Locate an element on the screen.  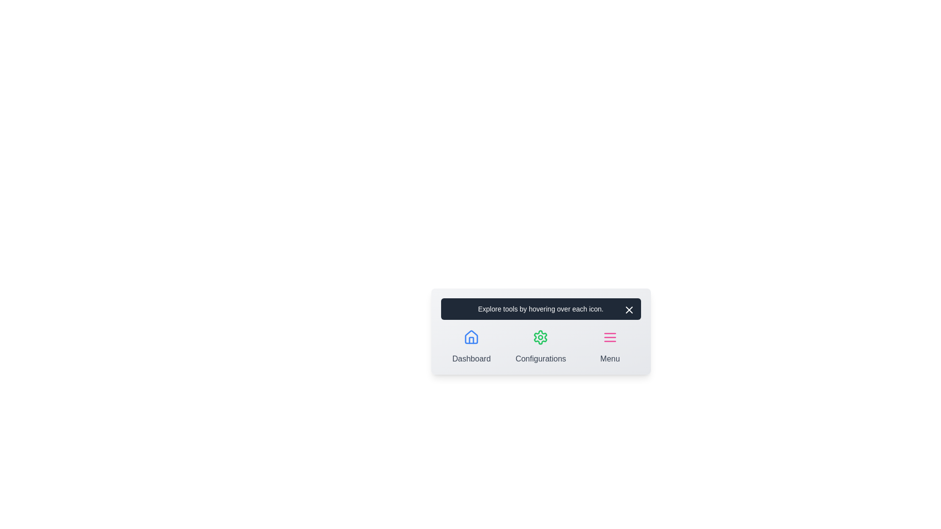
the circular green settings button, which features a gear symbol, located between the 'Dashboard' and 'Menu' icons in the bottom toolbar is located at coordinates (540, 337).